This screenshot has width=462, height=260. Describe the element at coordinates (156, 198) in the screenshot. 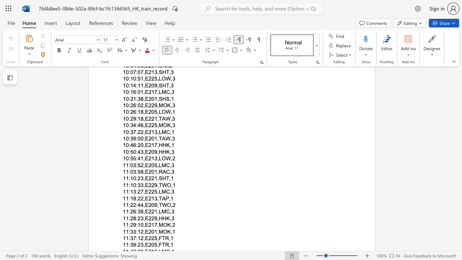

I see `the space between the continuous character "3" and "," in the text` at that location.